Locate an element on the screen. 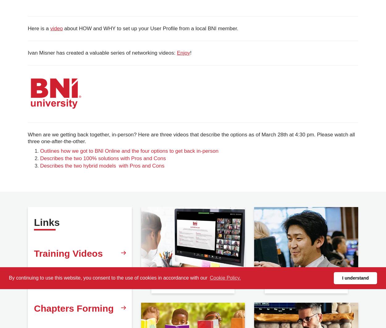  'Chapters Forming' is located at coordinates (73, 308).